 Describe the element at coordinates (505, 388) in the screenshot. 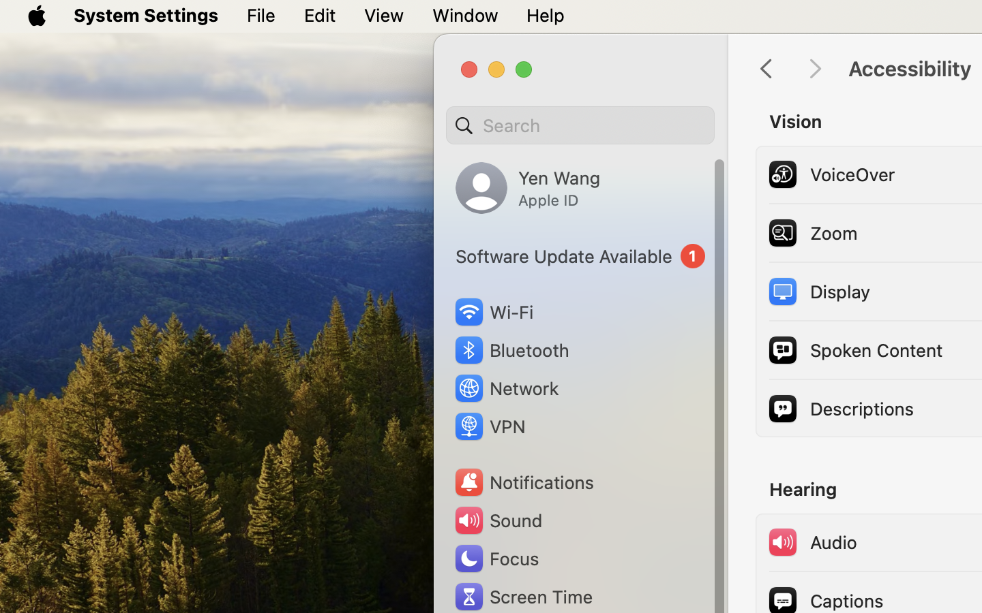

I see `'Network'` at that location.